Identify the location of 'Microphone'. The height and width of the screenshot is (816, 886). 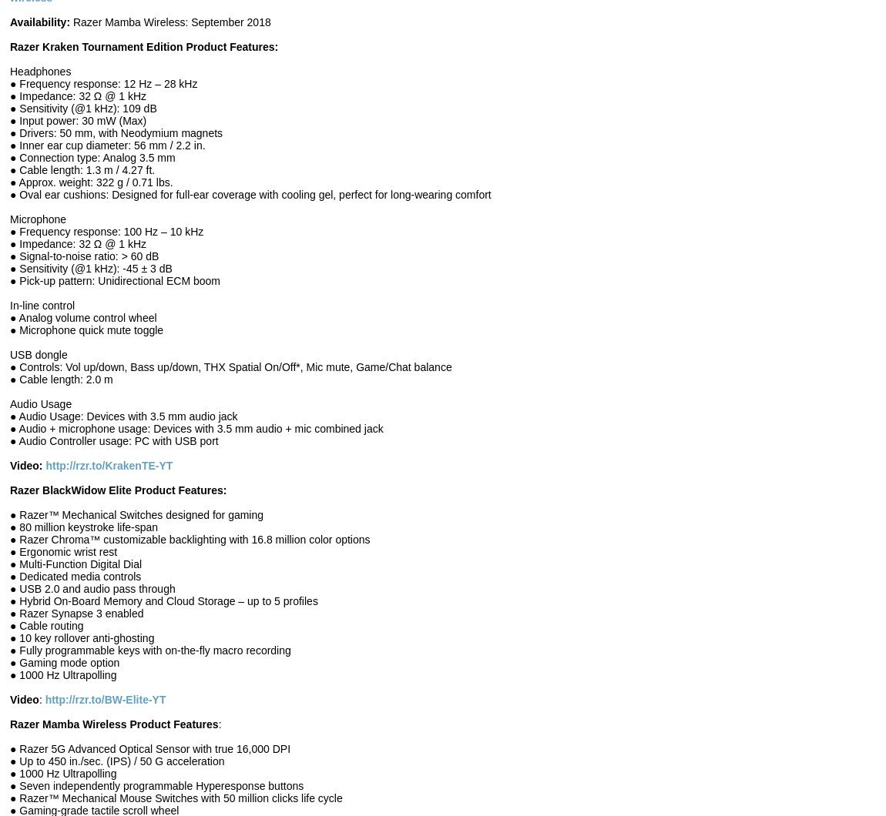
(39, 219).